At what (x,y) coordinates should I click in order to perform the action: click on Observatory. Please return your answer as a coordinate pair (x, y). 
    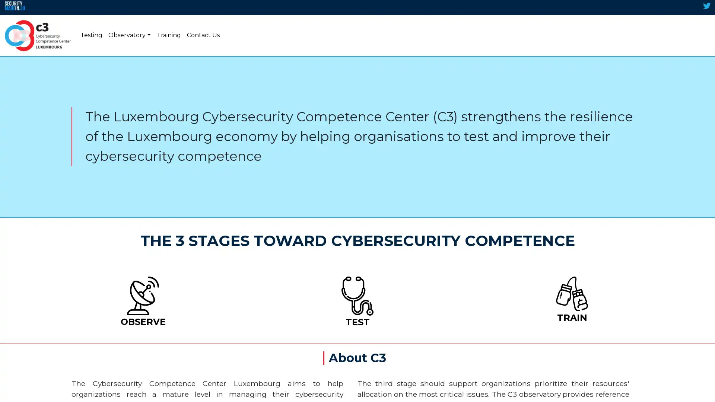
    Looking at the image, I should click on (129, 35).